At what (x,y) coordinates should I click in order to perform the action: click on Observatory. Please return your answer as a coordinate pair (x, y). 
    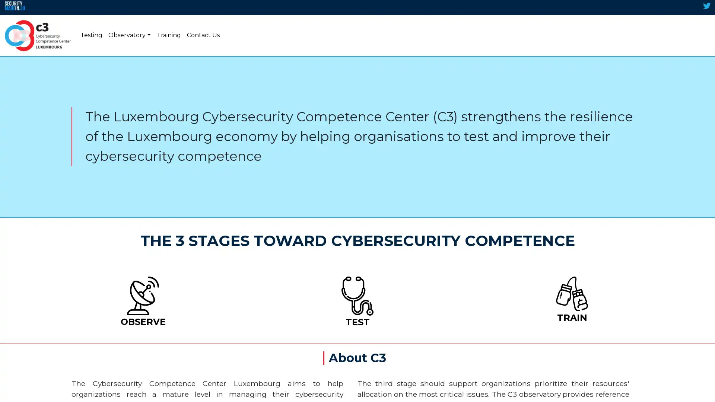
    Looking at the image, I should click on (129, 35).